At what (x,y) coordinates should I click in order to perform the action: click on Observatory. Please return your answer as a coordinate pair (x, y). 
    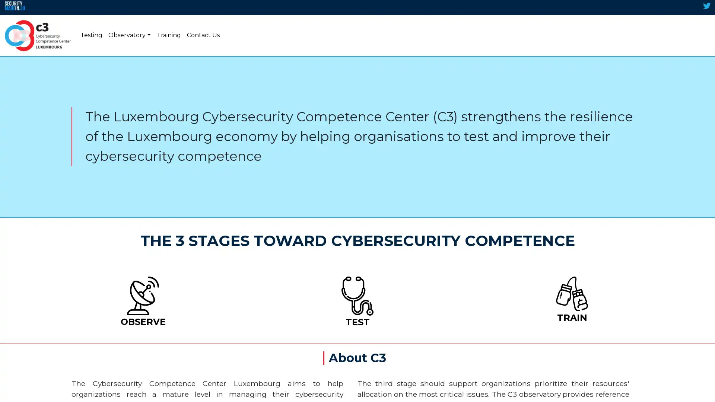
    Looking at the image, I should click on (129, 35).